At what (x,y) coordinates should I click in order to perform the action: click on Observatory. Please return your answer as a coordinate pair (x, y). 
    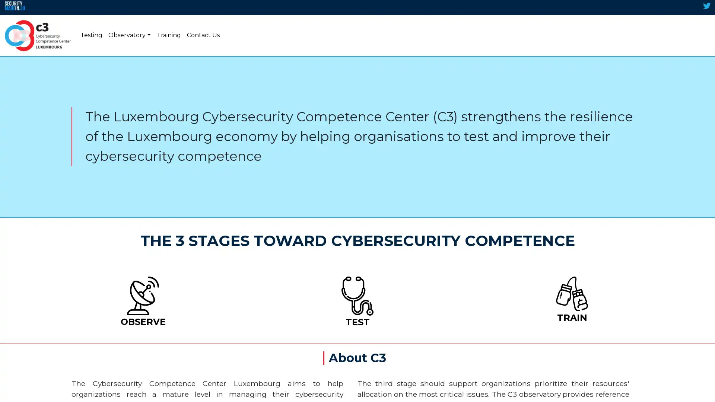
    Looking at the image, I should click on (129, 35).